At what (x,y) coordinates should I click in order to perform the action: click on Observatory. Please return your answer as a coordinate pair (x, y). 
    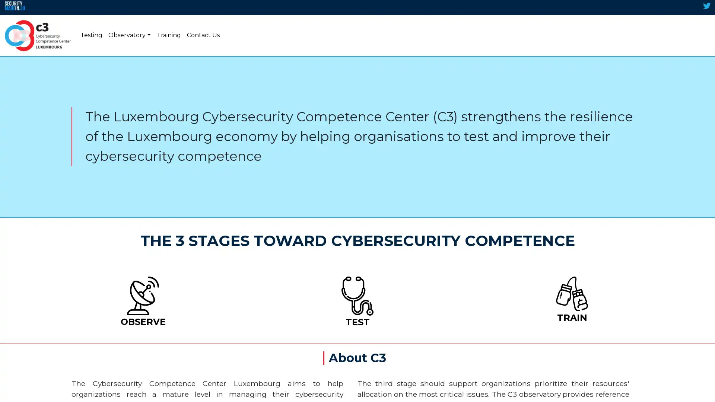
    Looking at the image, I should click on (129, 35).